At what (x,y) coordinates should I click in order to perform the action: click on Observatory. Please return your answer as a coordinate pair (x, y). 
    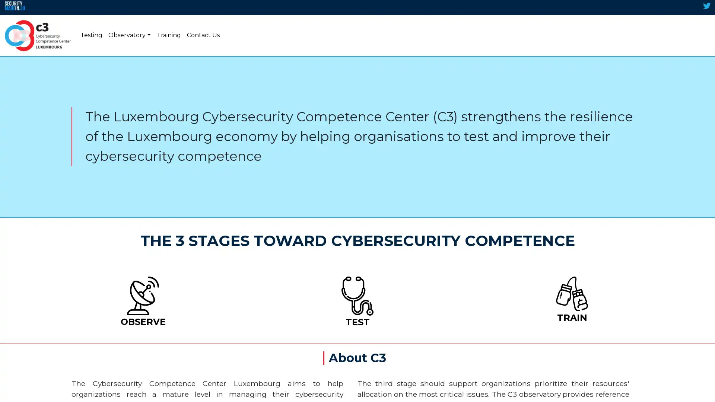
    Looking at the image, I should click on (129, 35).